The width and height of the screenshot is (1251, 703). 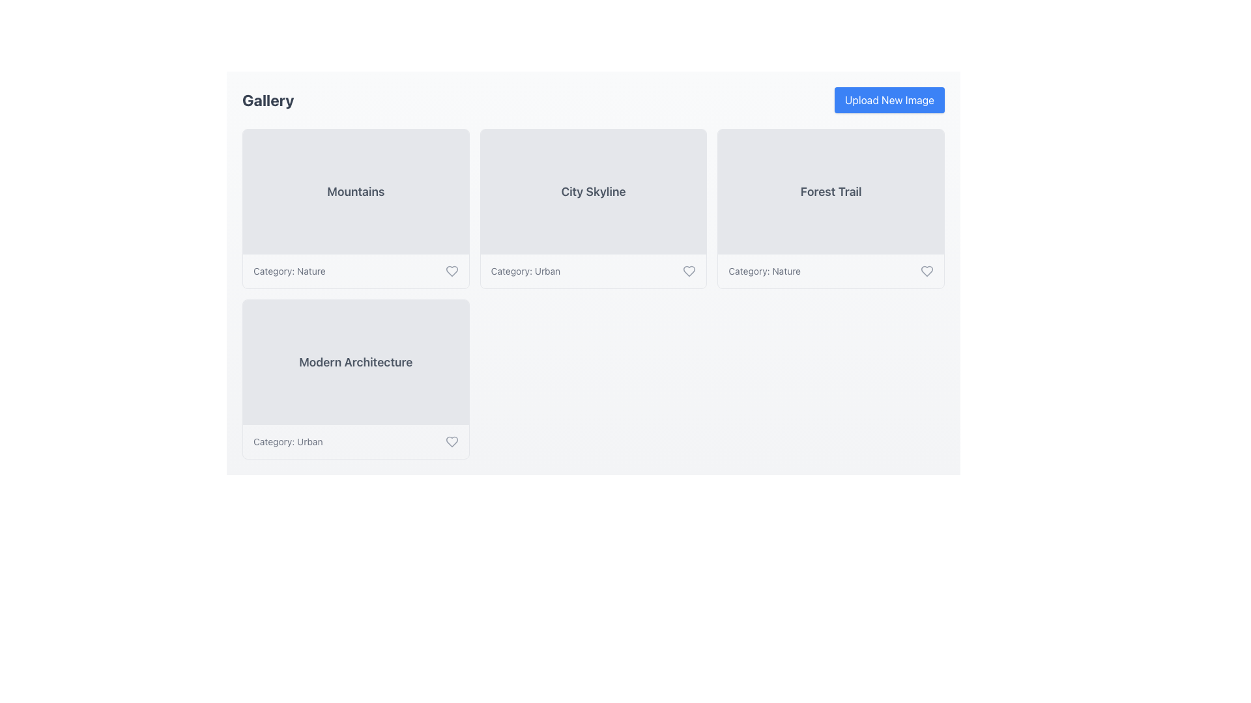 What do you see at coordinates (593, 191) in the screenshot?
I see `the text label displaying 'City Skyline', which is styled with a bold font and gray color, located centrally within its card interface in the grid layout` at bounding box center [593, 191].